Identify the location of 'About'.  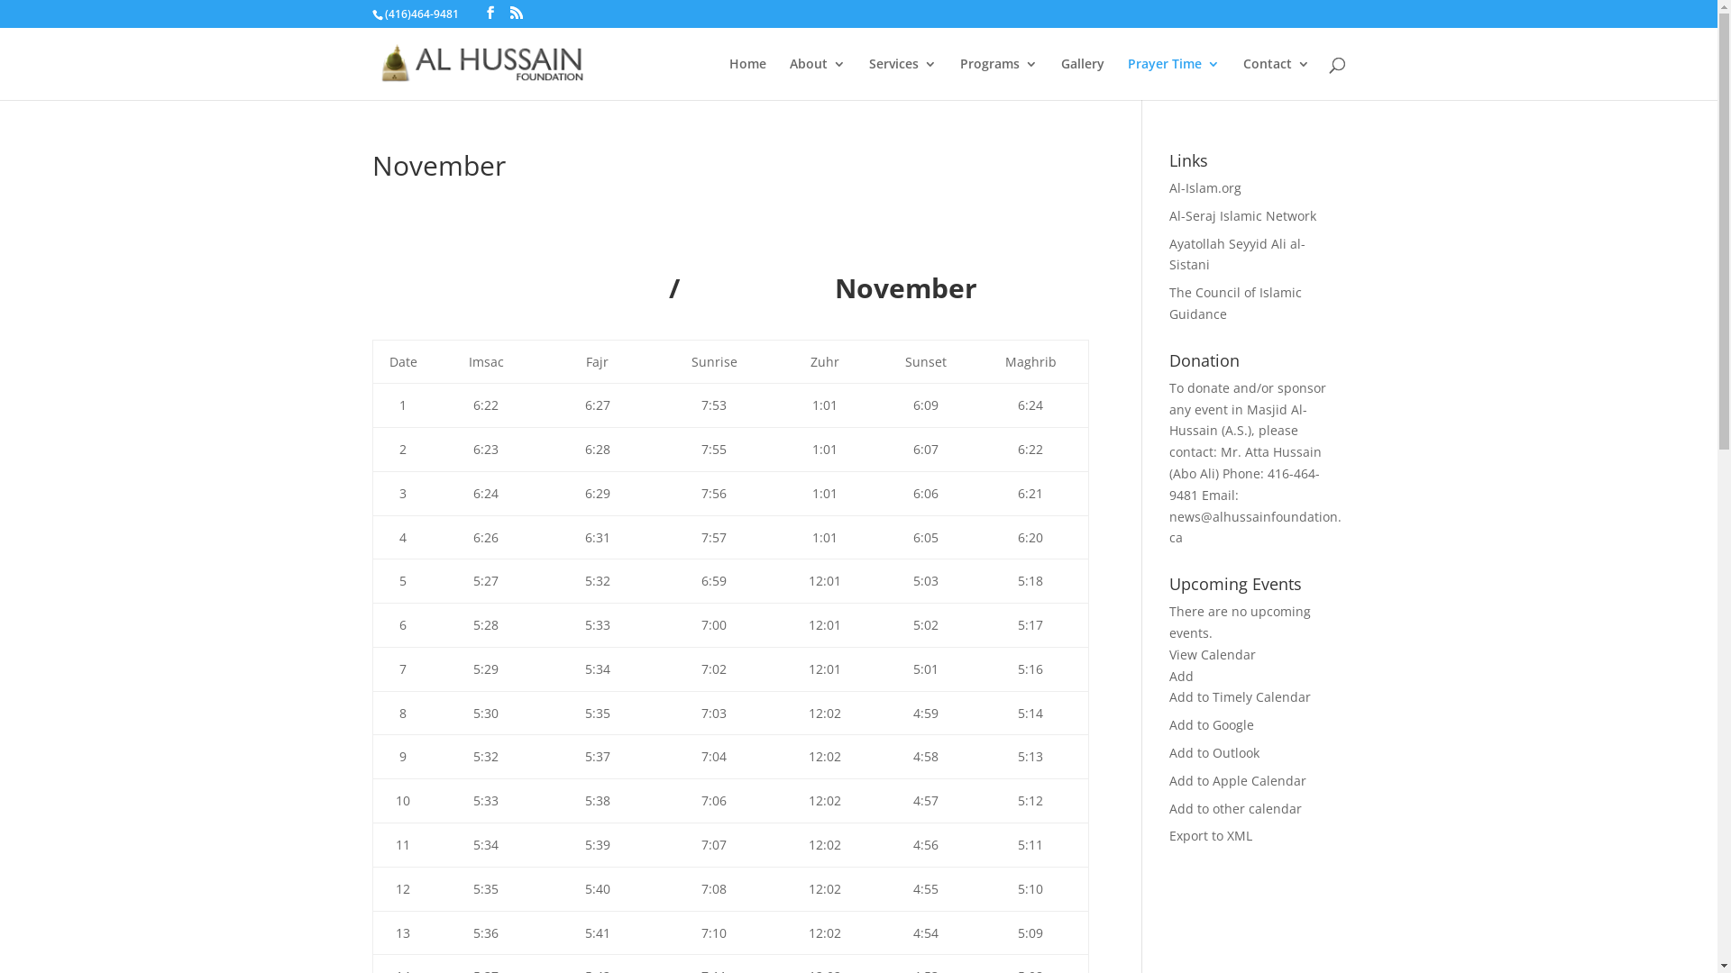
(817, 77).